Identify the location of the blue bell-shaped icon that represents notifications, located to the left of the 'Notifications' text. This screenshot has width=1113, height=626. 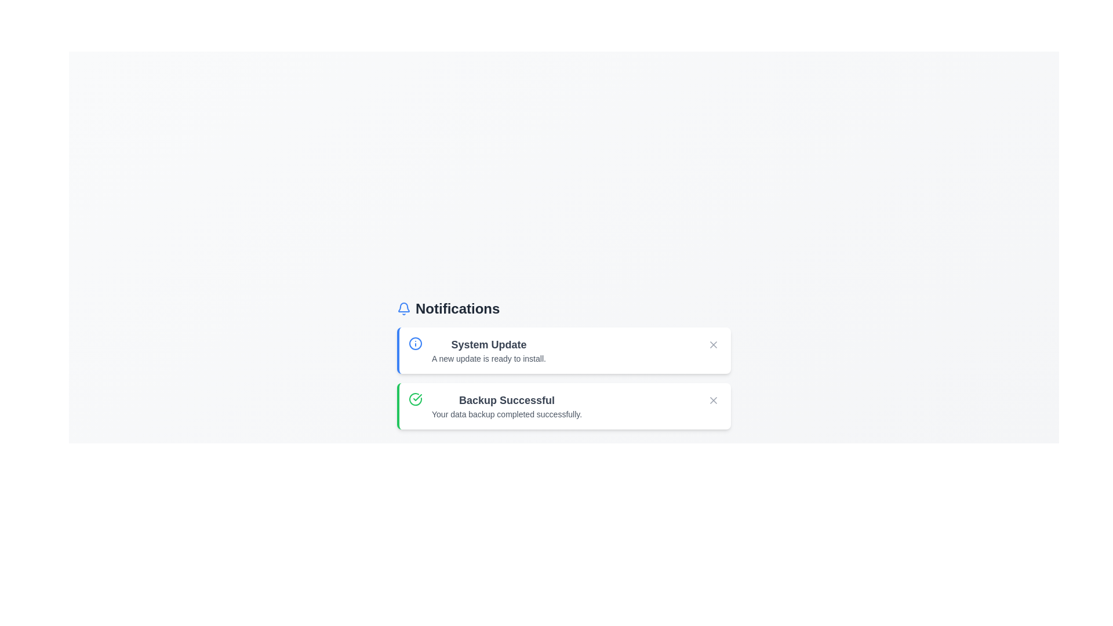
(403, 308).